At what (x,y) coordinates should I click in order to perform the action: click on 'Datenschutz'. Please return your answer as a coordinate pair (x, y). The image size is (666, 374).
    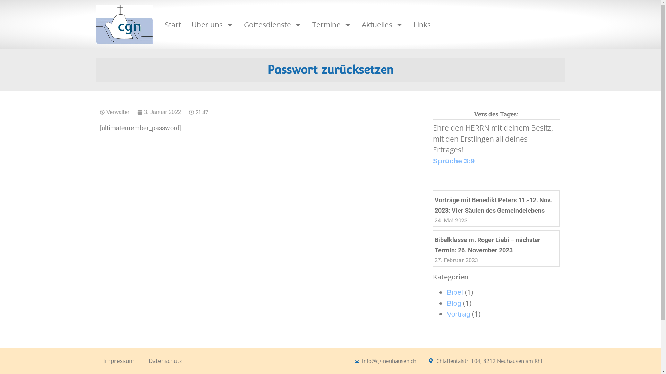
    Looking at the image, I should click on (165, 360).